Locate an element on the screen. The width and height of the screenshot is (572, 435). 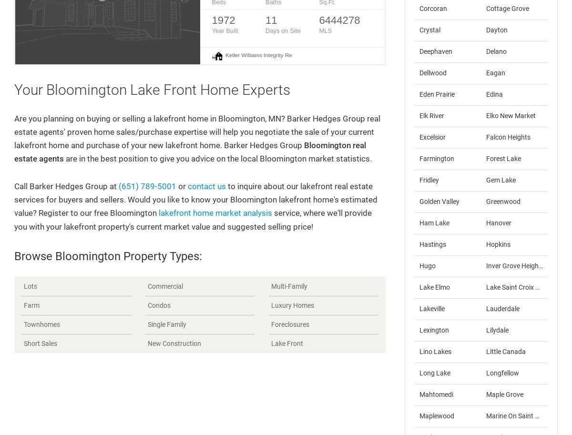
'MLS' is located at coordinates (325, 30).